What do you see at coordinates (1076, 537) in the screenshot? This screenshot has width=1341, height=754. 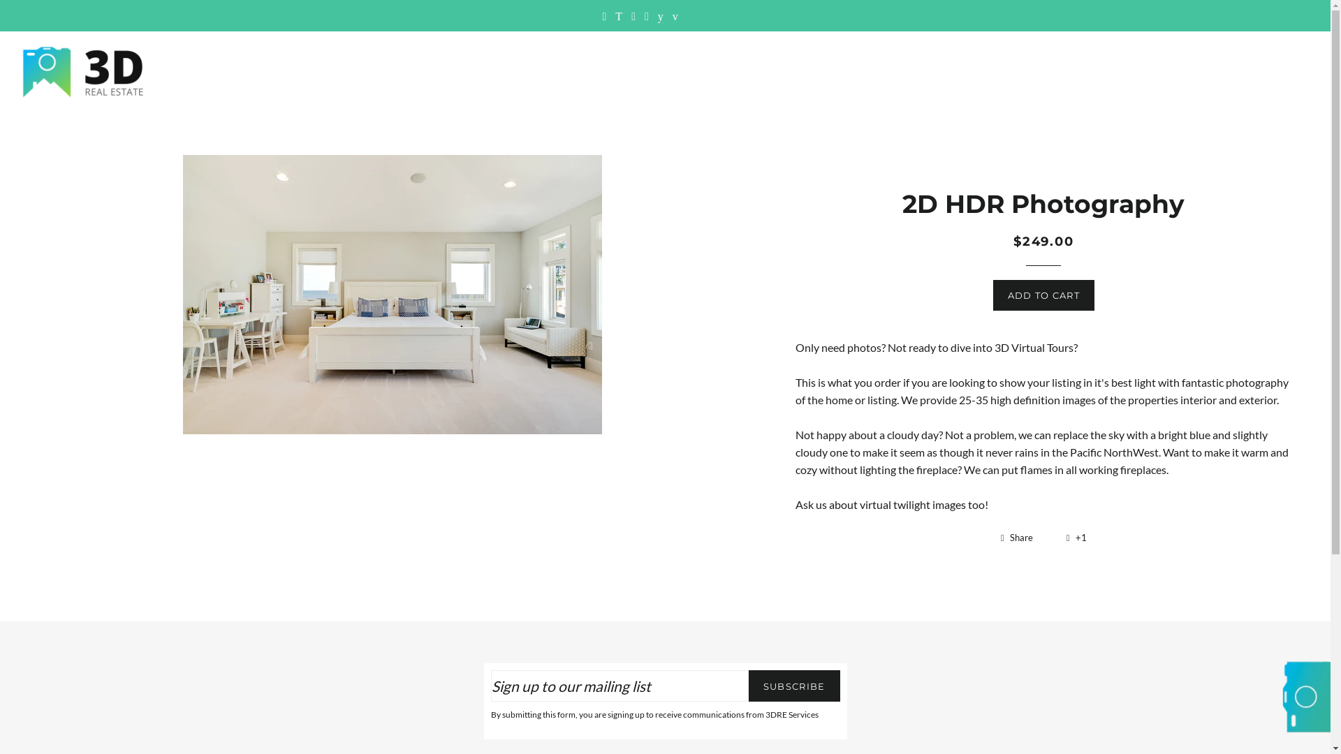 I see `'+1` at bounding box center [1076, 537].